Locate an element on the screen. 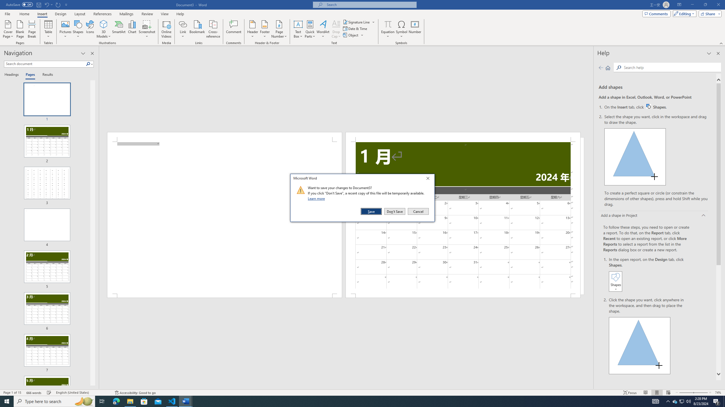 This screenshot has height=407, width=725. 'Start' is located at coordinates (7, 401).